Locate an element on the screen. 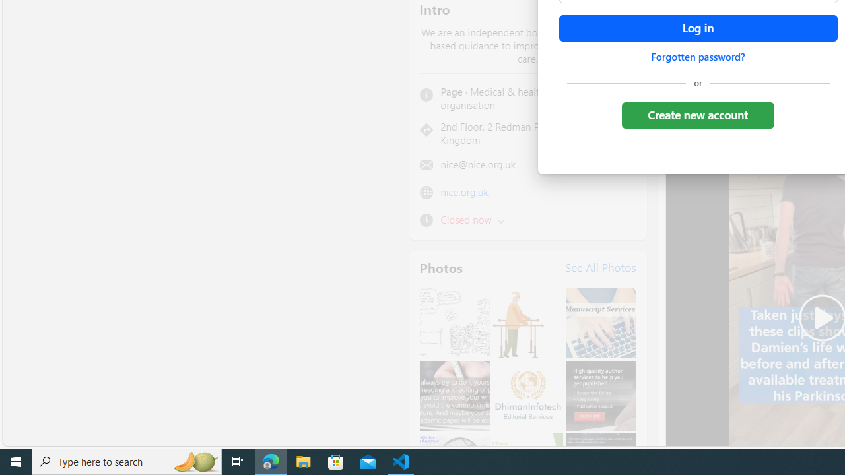 Image resolution: width=845 pixels, height=475 pixels. 'Forgotten password?' is located at coordinates (697, 56).